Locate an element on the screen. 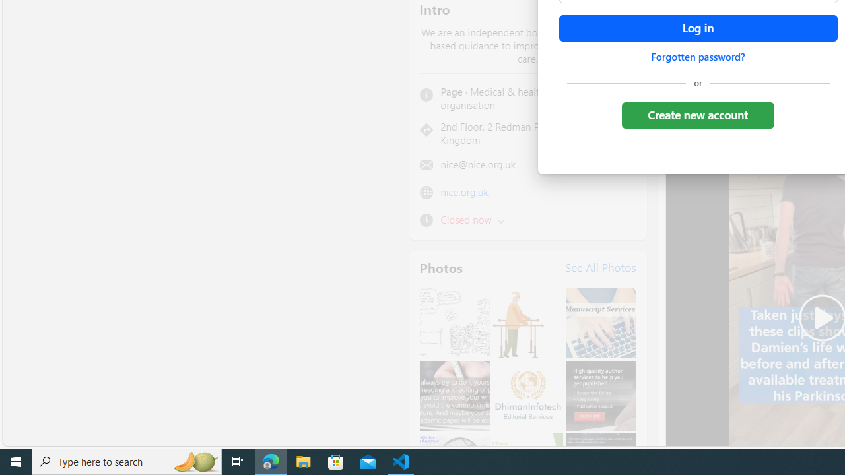 Image resolution: width=845 pixels, height=475 pixels. 'Forgotten password?' is located at coordinates (697, 56).